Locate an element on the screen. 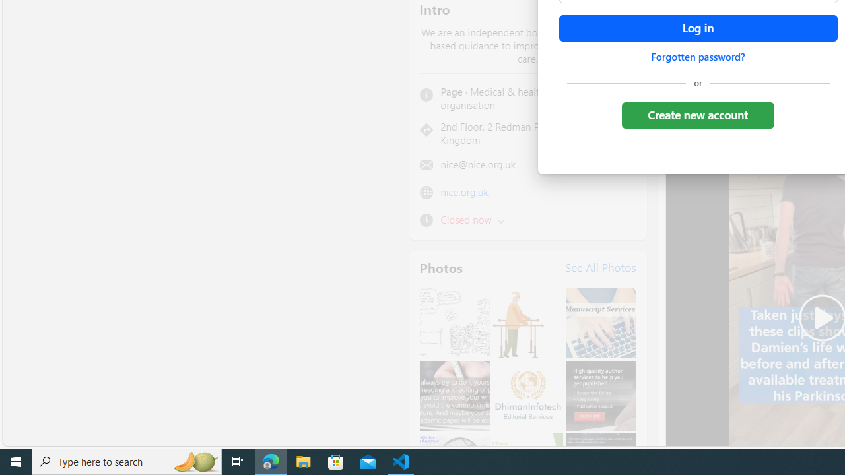 Image resolution: width=845 pixels, height=475 pixels. 'Forgotten password?' is located at coordinates (697, 56).